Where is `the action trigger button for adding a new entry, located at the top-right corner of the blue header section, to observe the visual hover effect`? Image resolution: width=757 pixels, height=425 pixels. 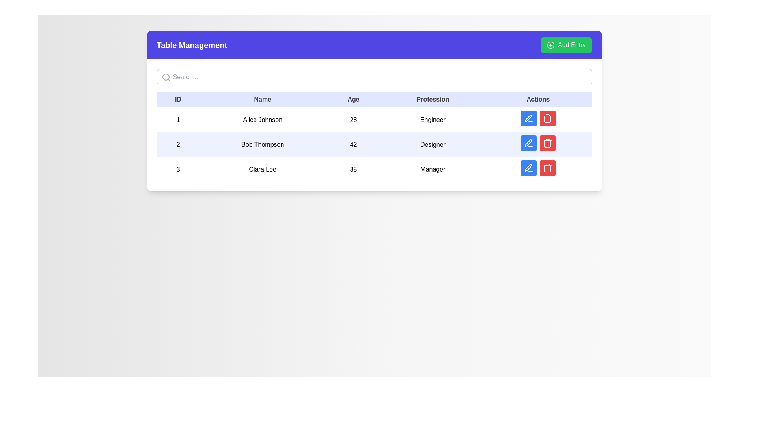
the action trigger button for adding a new entry, located at the top-right corner of the blue header section, to observe the visual hover effect is located at coordinates (566, 45).